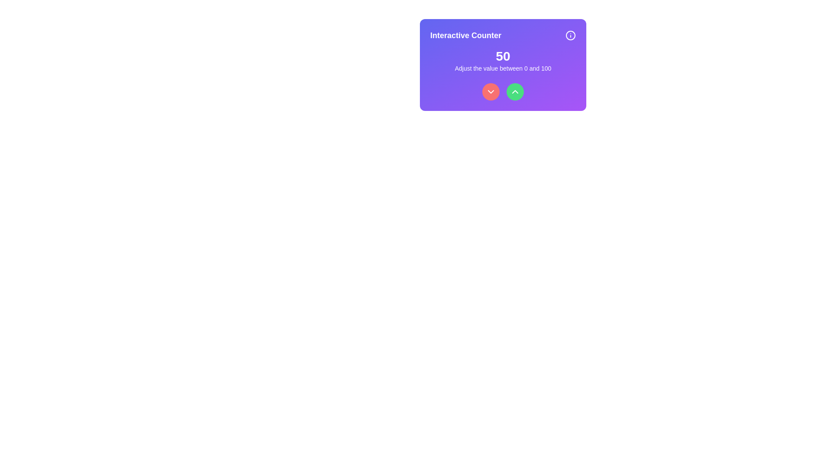 The height and width of the screenshot is (468, 832). I want to click on the second circular increment button, which is located to the right of a red button with a downward chevron arrow, to observe the hover effect, so click(515, 92).